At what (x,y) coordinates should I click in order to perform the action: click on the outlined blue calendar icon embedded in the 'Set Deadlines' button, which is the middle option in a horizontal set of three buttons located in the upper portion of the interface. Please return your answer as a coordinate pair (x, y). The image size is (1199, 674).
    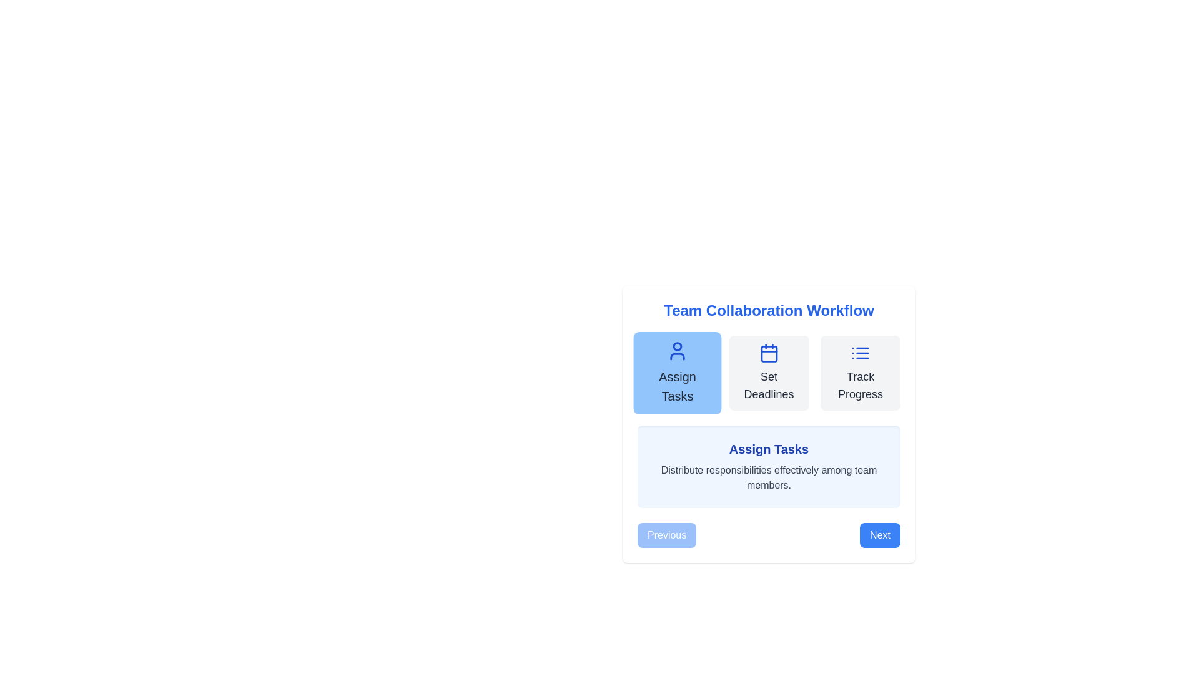
    Looking at the image, I should click on (768, 353).